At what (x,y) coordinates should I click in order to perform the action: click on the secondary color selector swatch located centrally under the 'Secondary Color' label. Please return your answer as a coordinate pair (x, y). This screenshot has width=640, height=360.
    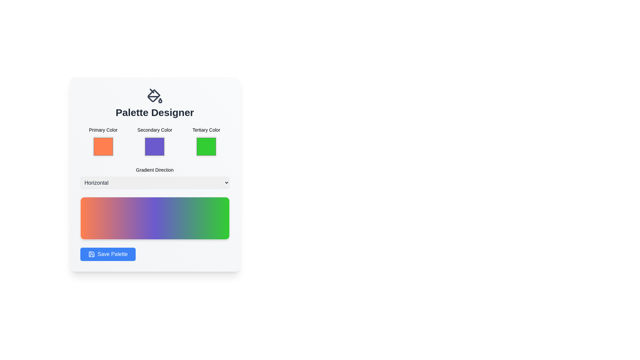
    Looking at the image, I should click on (154, 146).